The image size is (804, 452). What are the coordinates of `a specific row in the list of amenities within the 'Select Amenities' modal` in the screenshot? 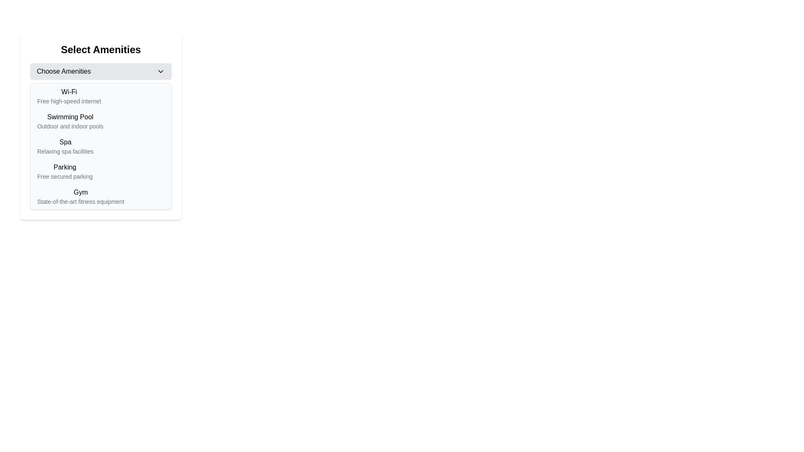 It's located at (100, 126).